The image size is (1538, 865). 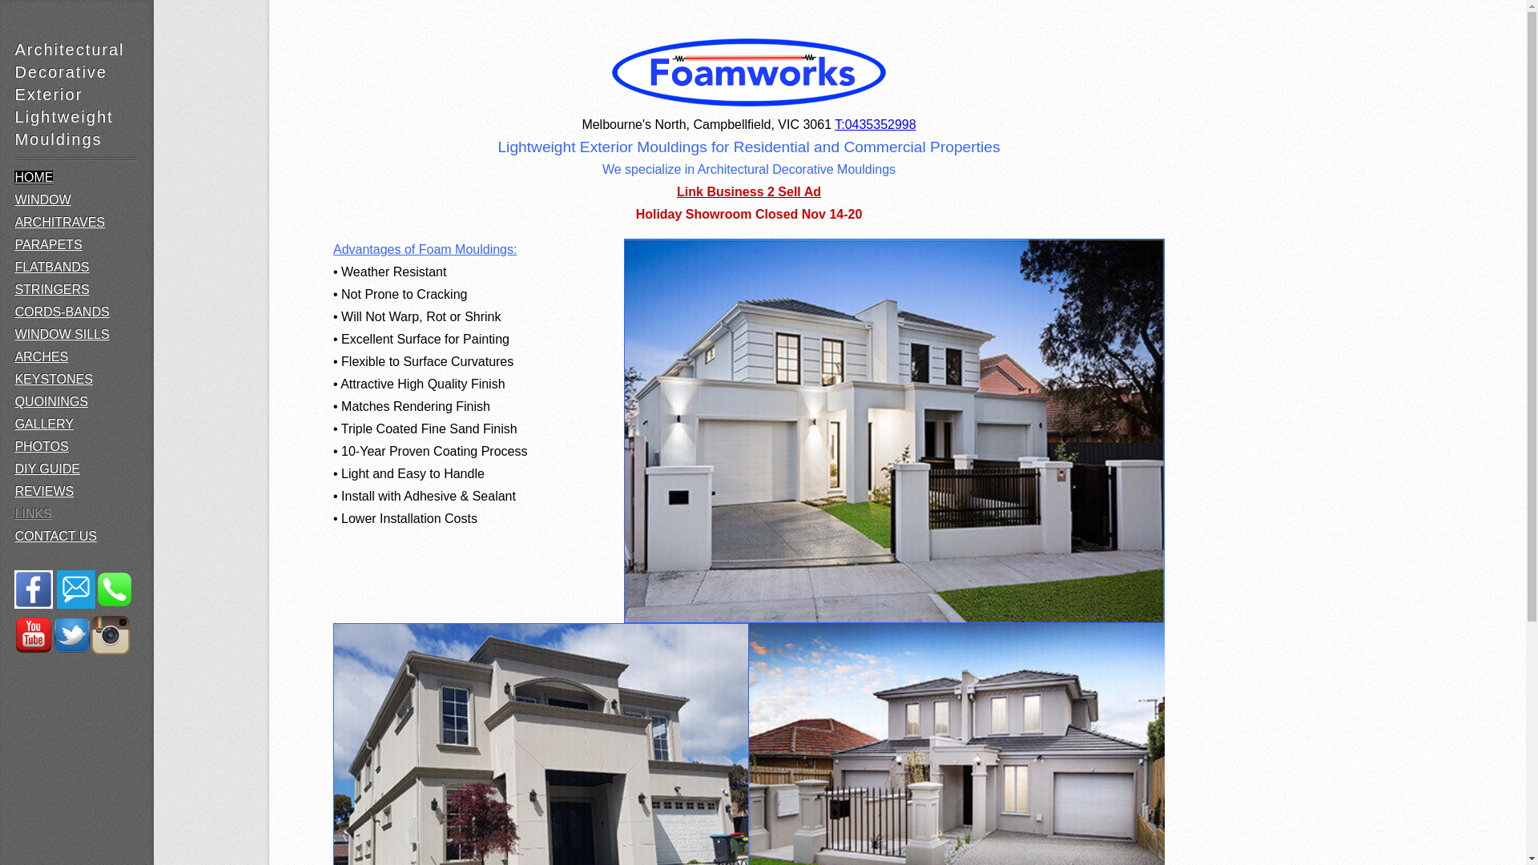 What do you see at coordinates (46, 469) in the screenshot?
I see `'DIY GUIDE'` at bounding box center [46, 469].